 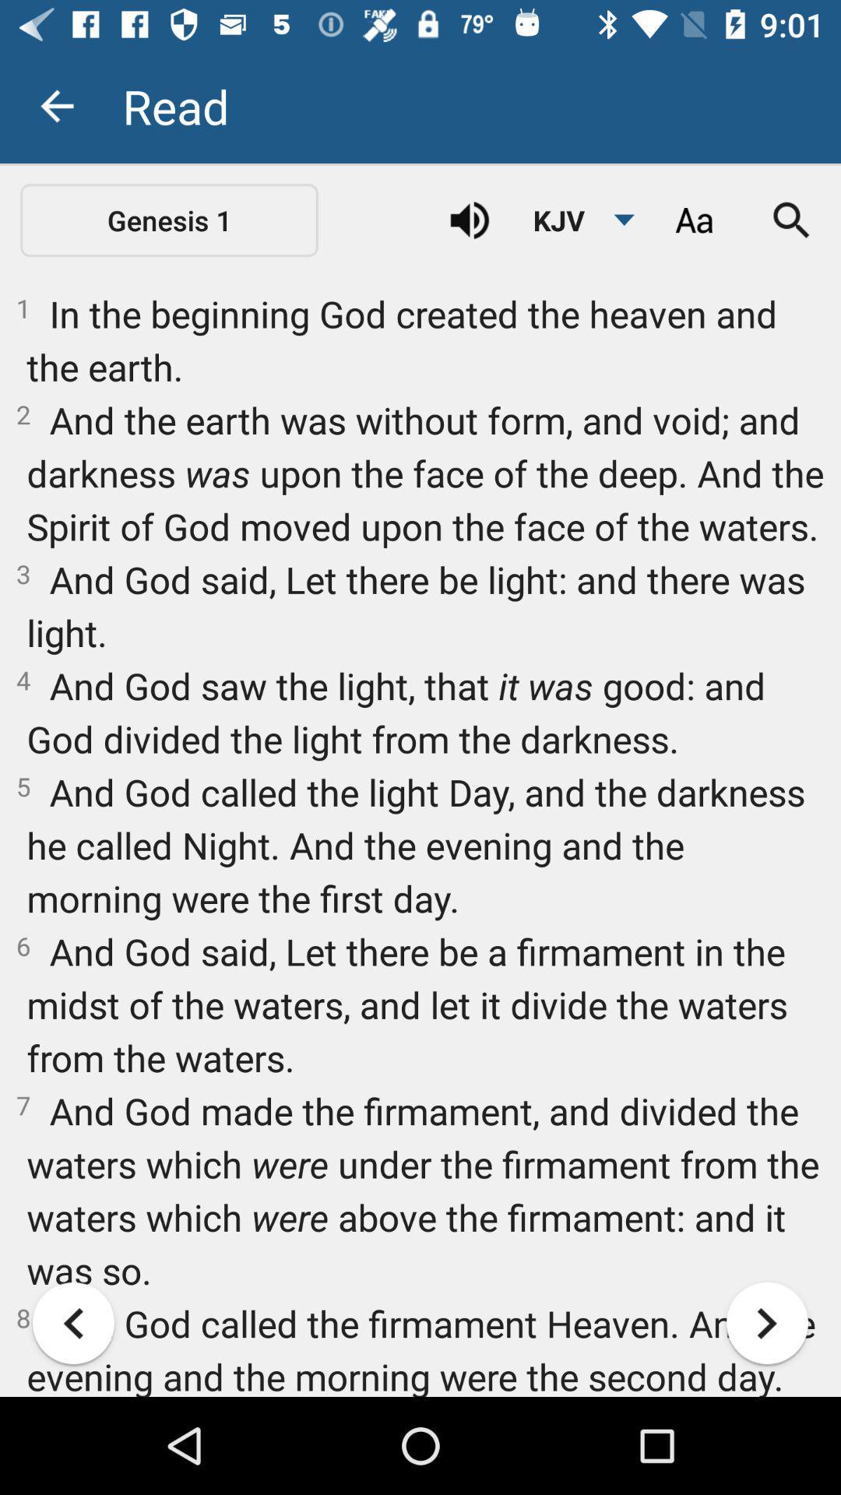 What do you see at coordinates (693, 220) in the screenshot?
I see `the font icon` at bounding box center [693, 220].